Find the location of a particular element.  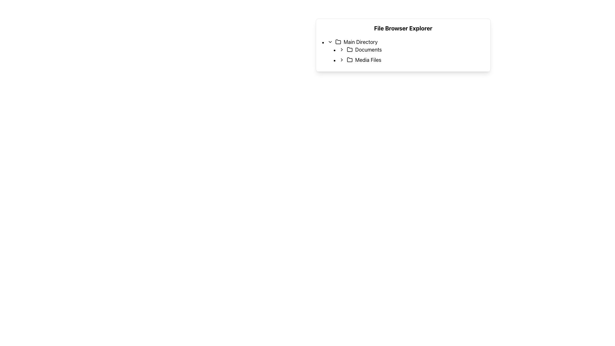

the main directory label in the file tree structure is located at coordinates (360, 42).